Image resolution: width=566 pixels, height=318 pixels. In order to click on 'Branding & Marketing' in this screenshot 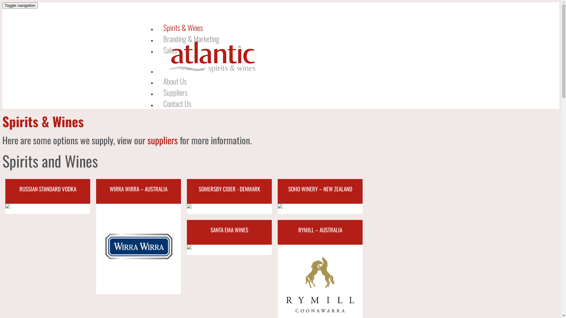, I will do `click(191, 39)`.